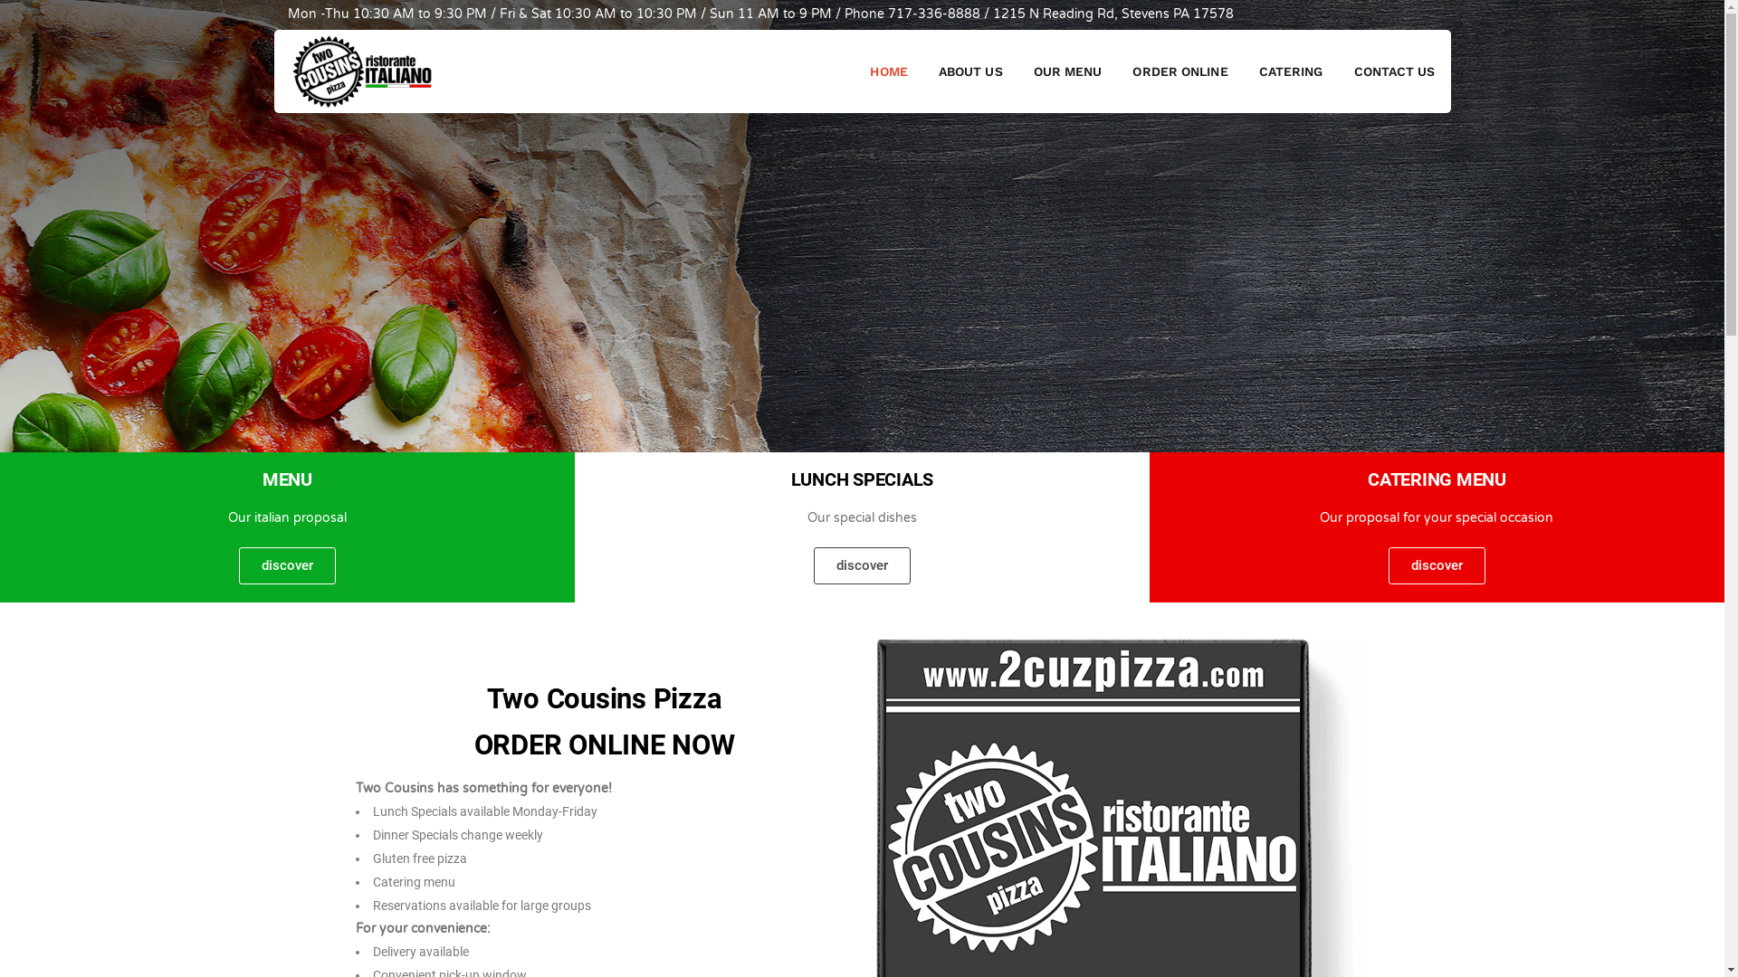 This screenshot has height=977, width=1738. Describe the element at coordinates (1338, 70) in the screenshot. I see `'CONTACT US'` at that location.